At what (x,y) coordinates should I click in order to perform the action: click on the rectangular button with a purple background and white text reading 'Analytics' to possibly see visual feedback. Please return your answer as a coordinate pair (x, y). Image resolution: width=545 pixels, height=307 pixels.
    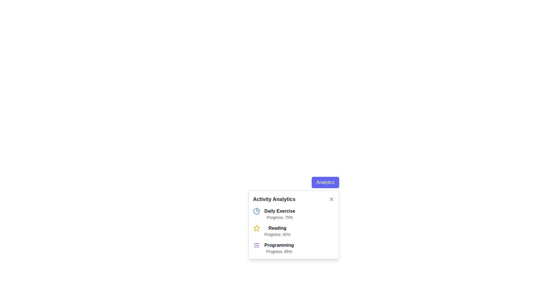
    Looking at the image, I should click on (325, 182).